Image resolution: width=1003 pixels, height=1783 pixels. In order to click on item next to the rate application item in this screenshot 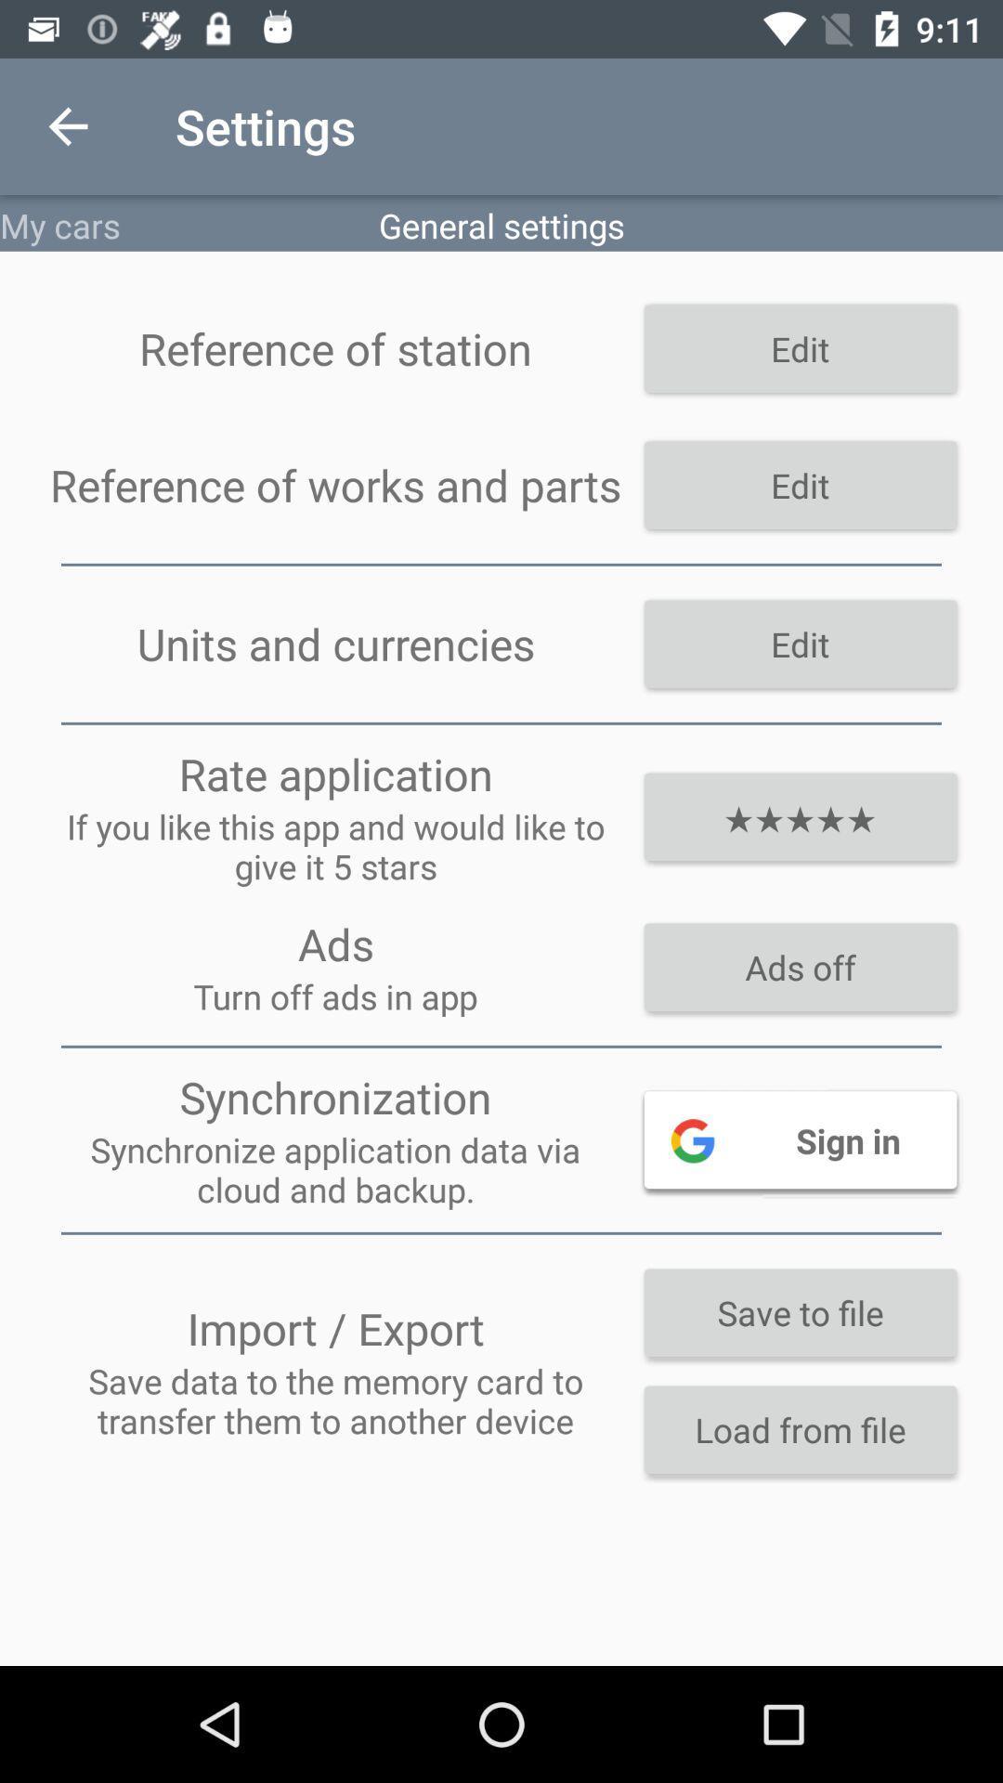, I will do `click(799, 816)`.